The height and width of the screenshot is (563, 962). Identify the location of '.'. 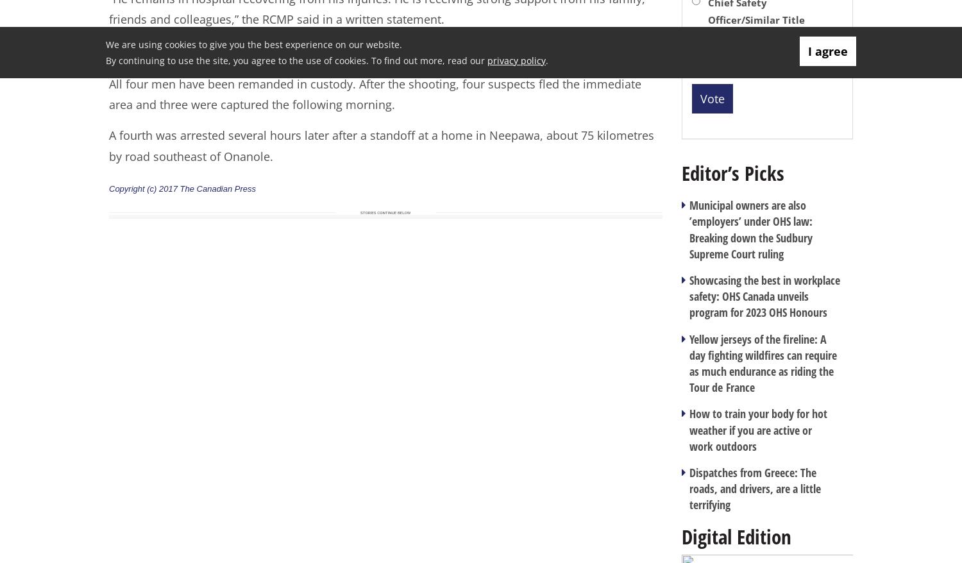
(546, 59).